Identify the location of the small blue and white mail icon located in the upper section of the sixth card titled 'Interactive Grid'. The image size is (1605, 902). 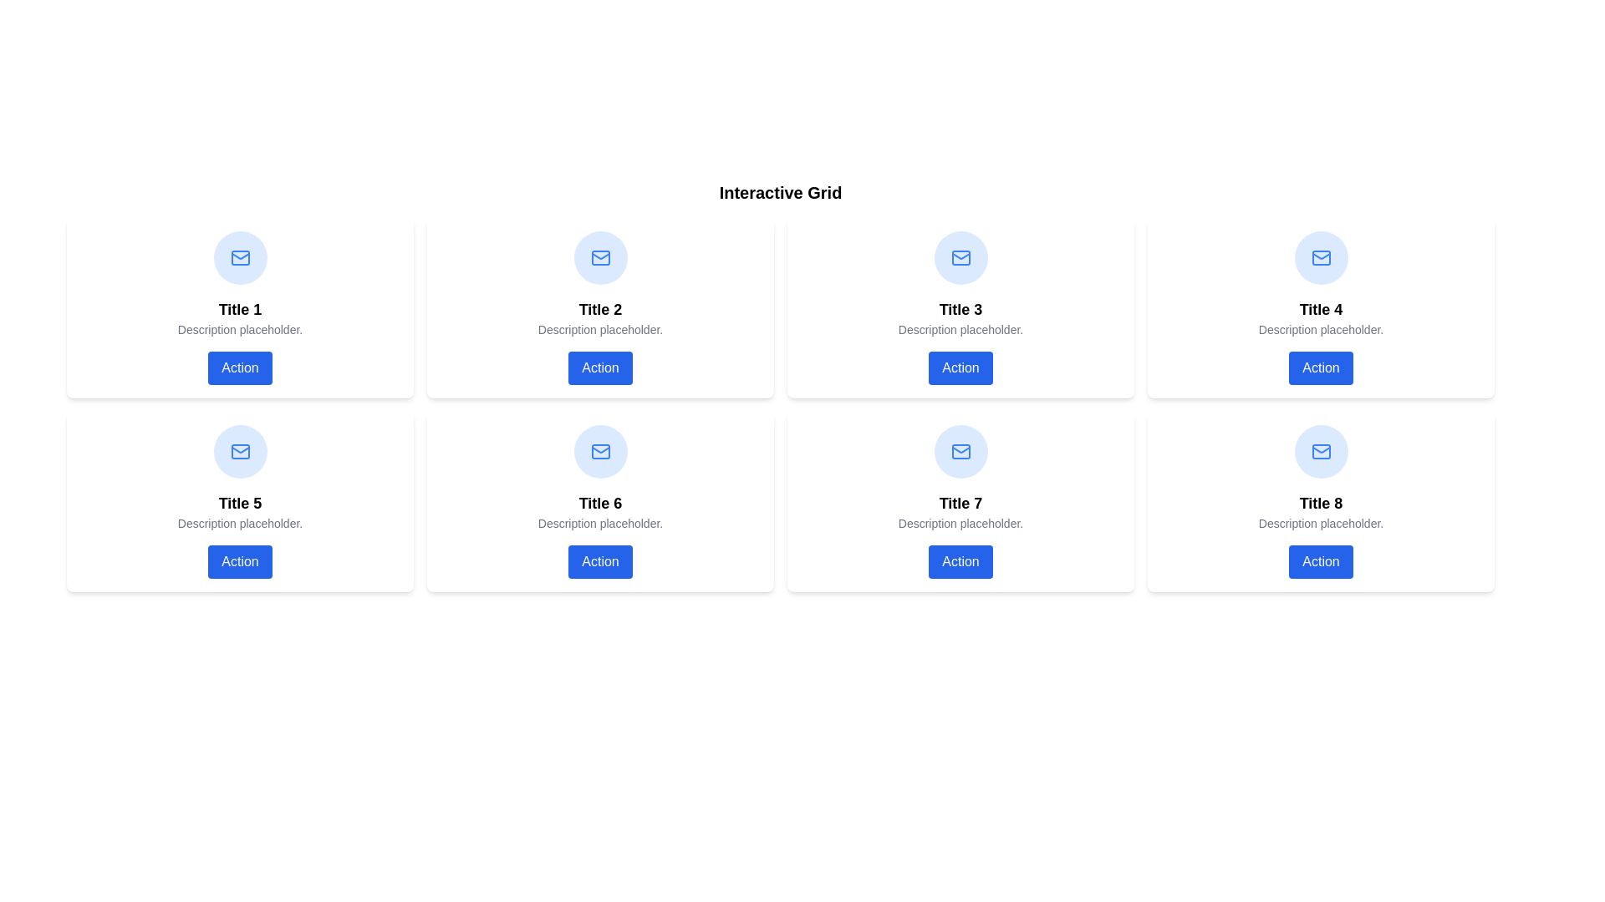
(600, 451).